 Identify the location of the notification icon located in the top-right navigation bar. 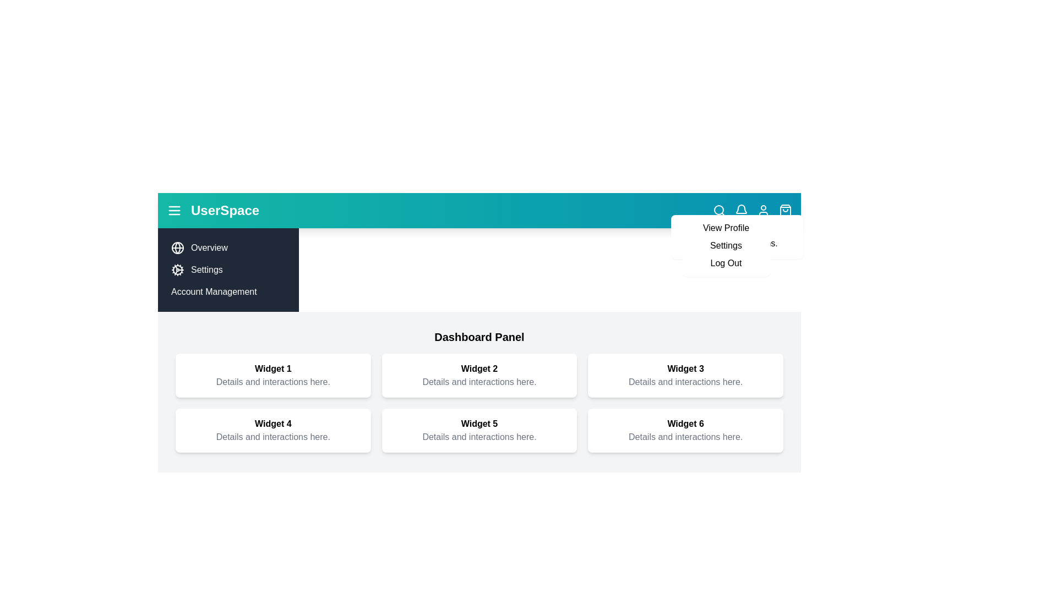
(742, 210).